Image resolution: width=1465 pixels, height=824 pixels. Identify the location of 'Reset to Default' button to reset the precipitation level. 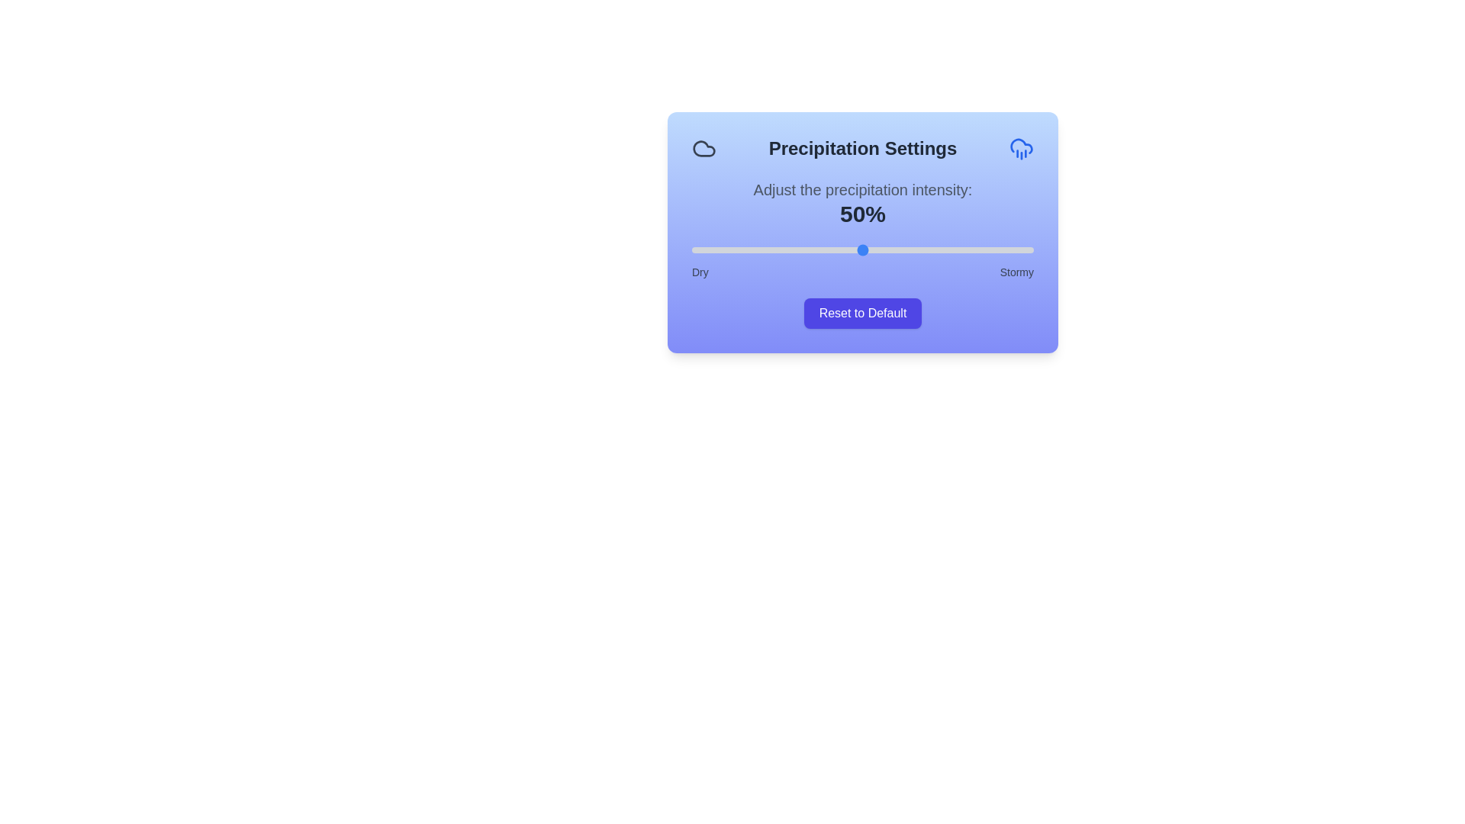
(863, 313).